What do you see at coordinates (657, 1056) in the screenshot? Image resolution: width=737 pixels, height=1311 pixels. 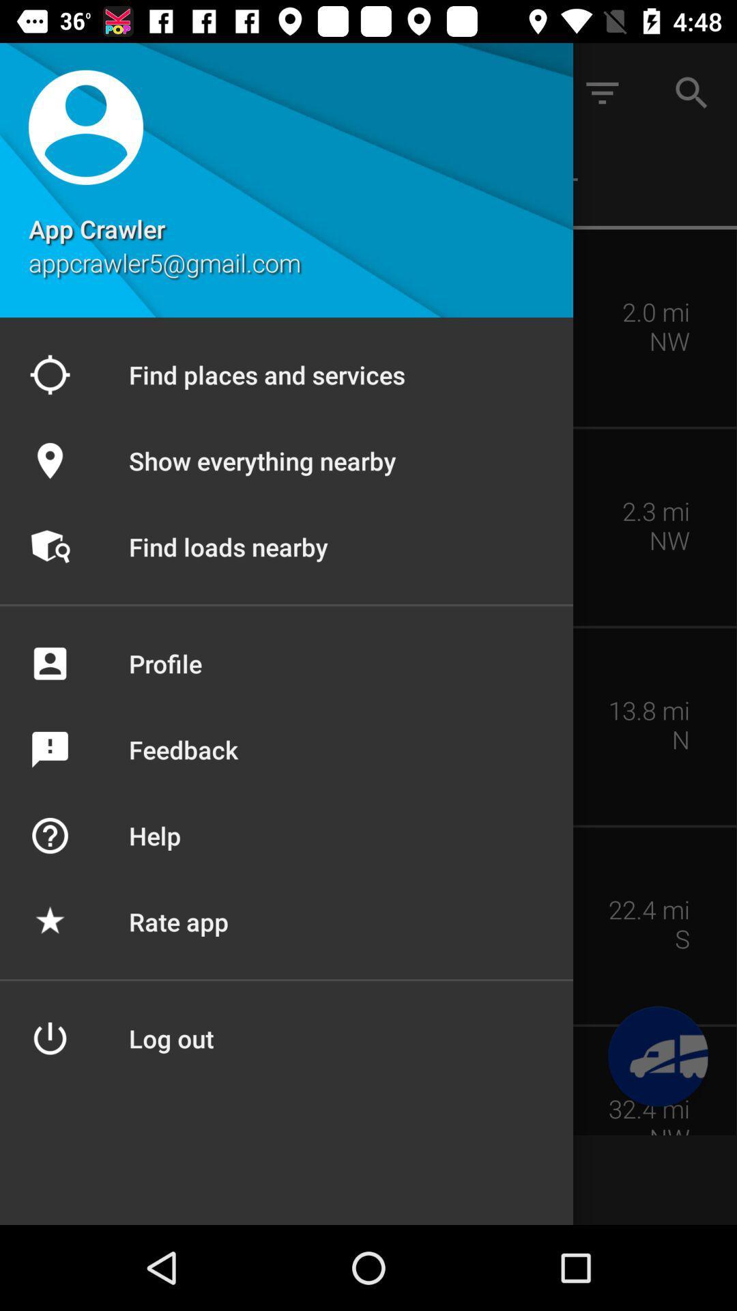 I see `the build icon` at bounding box center [657, 1056].